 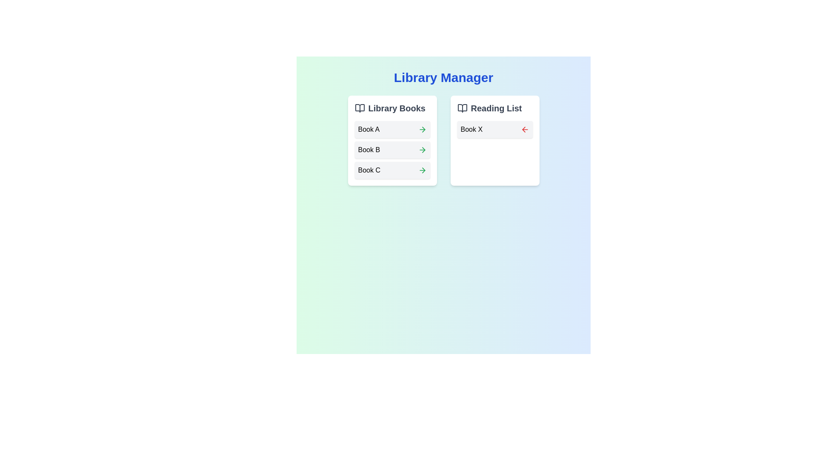 What do you see at coordinates (360, 108) in the screenshot?
I see `the book icon in the 'Library Books' section header, which features two open pages with a vertical line separating them` at bounding box center [360, 108].